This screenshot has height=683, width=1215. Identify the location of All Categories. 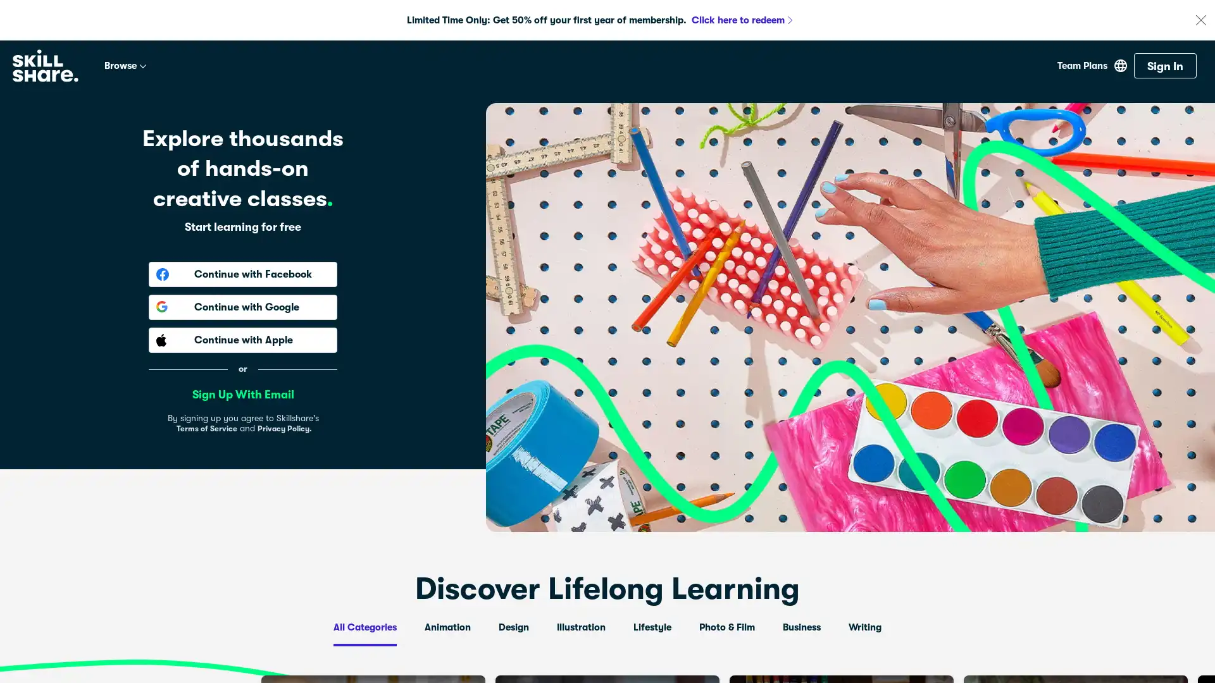
(364, 632).